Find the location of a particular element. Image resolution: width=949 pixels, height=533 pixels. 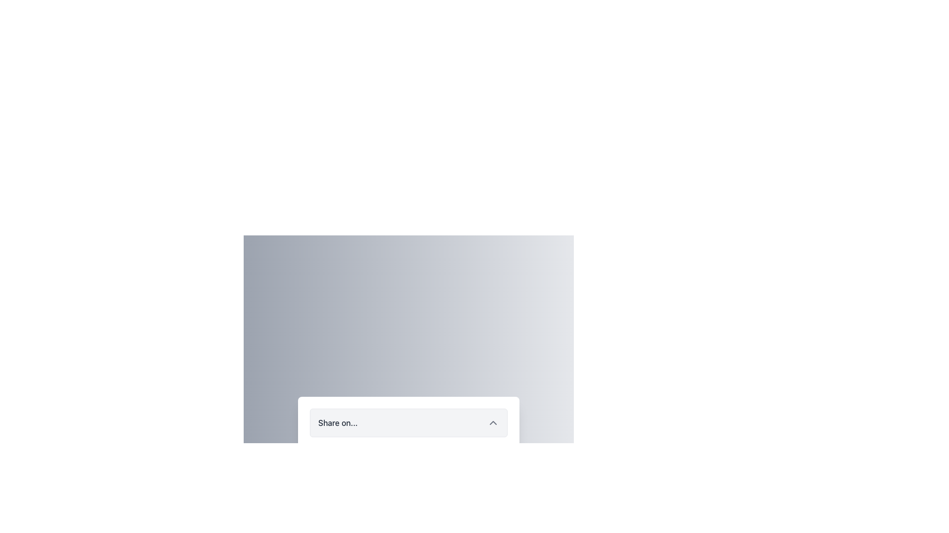

the chevron icon located to the right of the 'Share on...' text is located at coordinates (493, 422).